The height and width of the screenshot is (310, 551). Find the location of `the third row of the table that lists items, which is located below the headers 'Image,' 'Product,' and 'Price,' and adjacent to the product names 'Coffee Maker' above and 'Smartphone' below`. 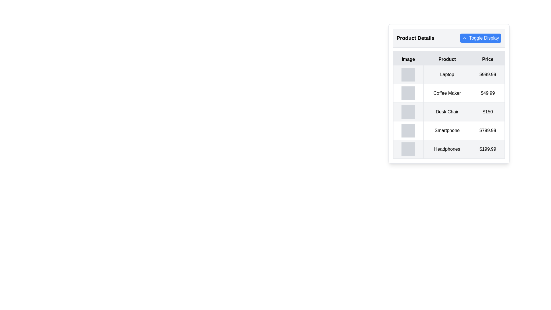

the third row of the table that lists items, which is located below the headers 'Image,' 'Product,' and 'Price,' and adjacent to the product names 'Coffee Maker' above and 'Smartphone' below is located at coordinates (449, 112).